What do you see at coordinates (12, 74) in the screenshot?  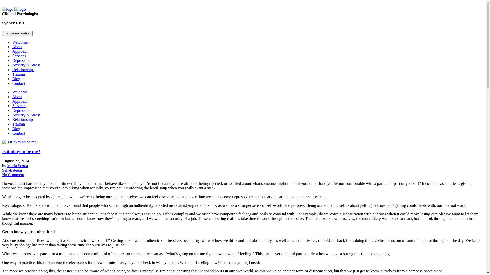 I see `'Trauma'` at bounding box center [12, 74].